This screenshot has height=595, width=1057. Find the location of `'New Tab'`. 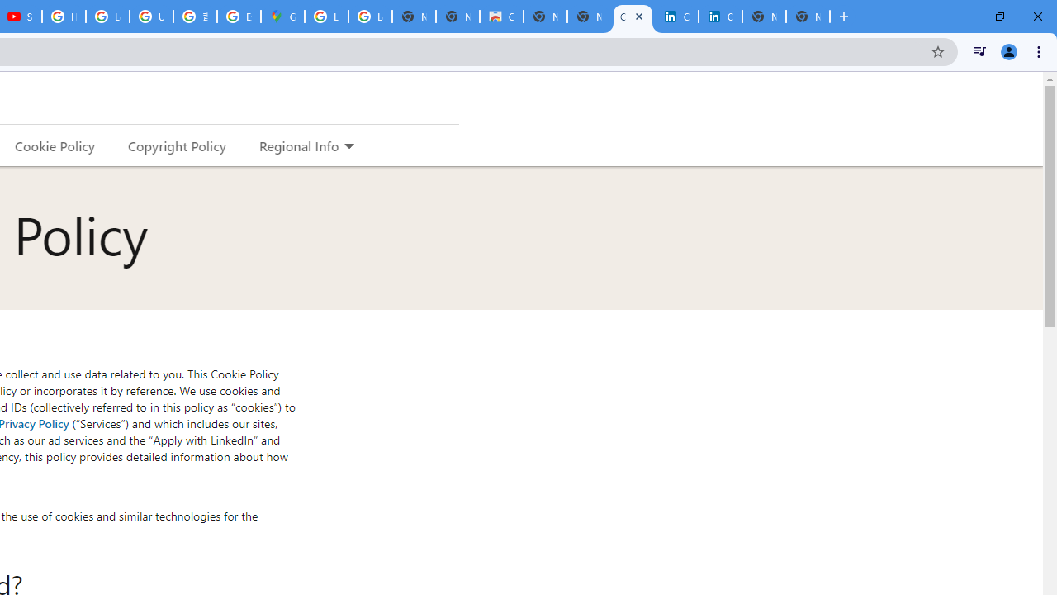

'New Tab' is located at coordinates (808, 17).